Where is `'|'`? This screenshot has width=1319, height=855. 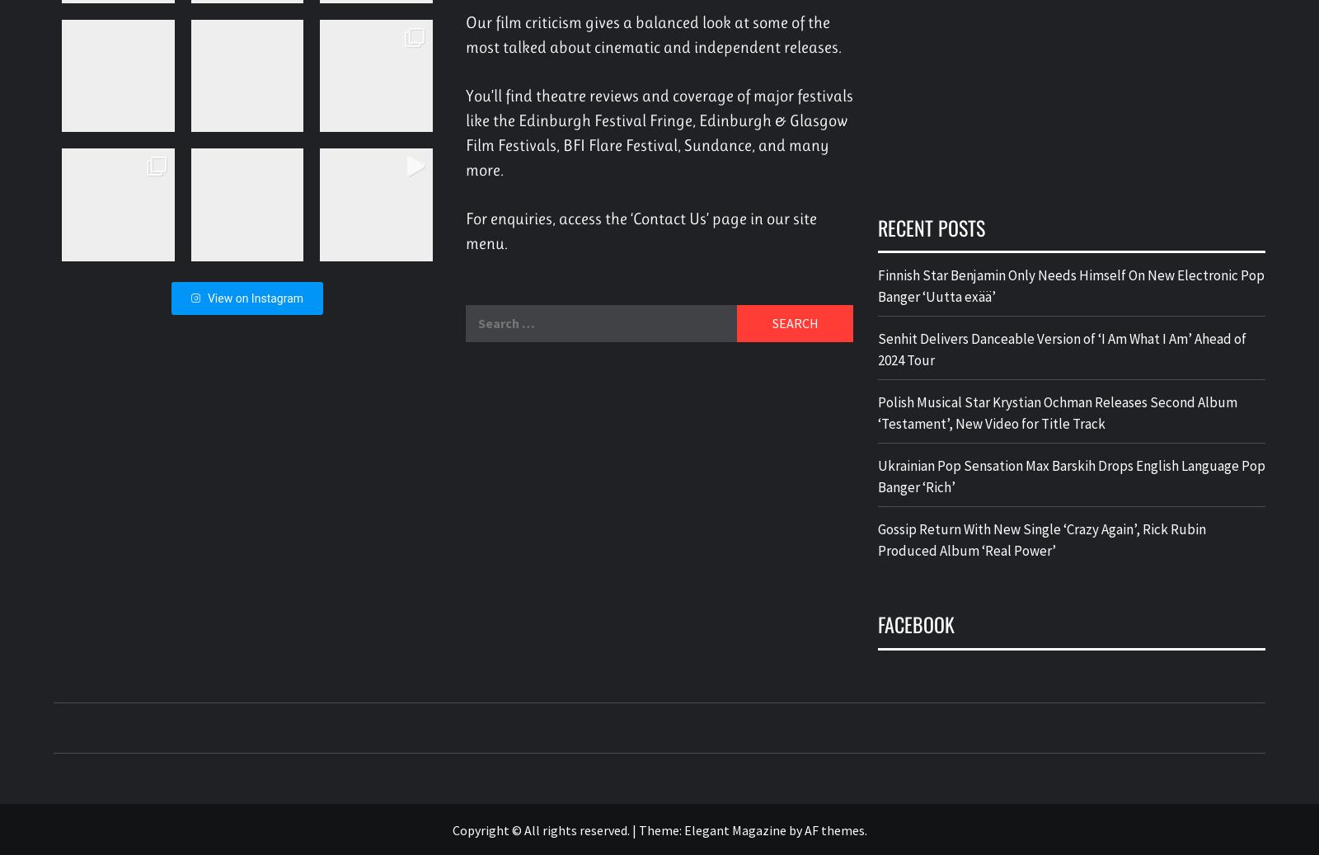 '|' is located at coordinates (635, 829).